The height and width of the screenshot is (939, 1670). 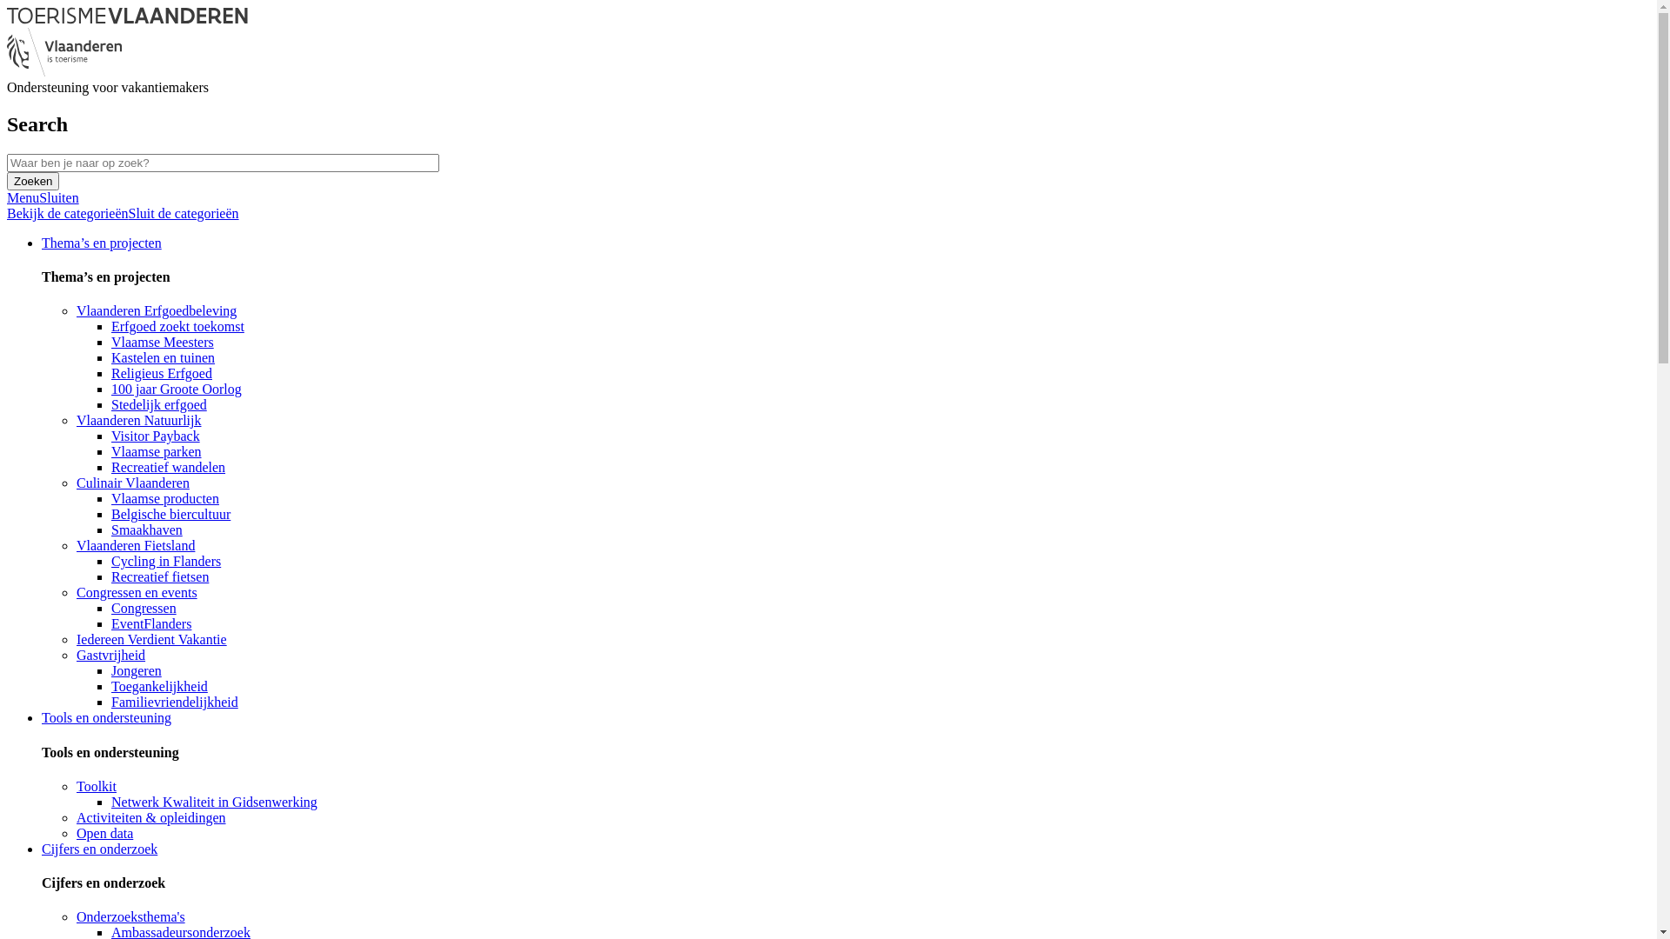 What do you see at coordinates (177, 326) in the screenshot?
I see `'Erfgoed zoekt toekomst'` at bounding box center [177, 326].